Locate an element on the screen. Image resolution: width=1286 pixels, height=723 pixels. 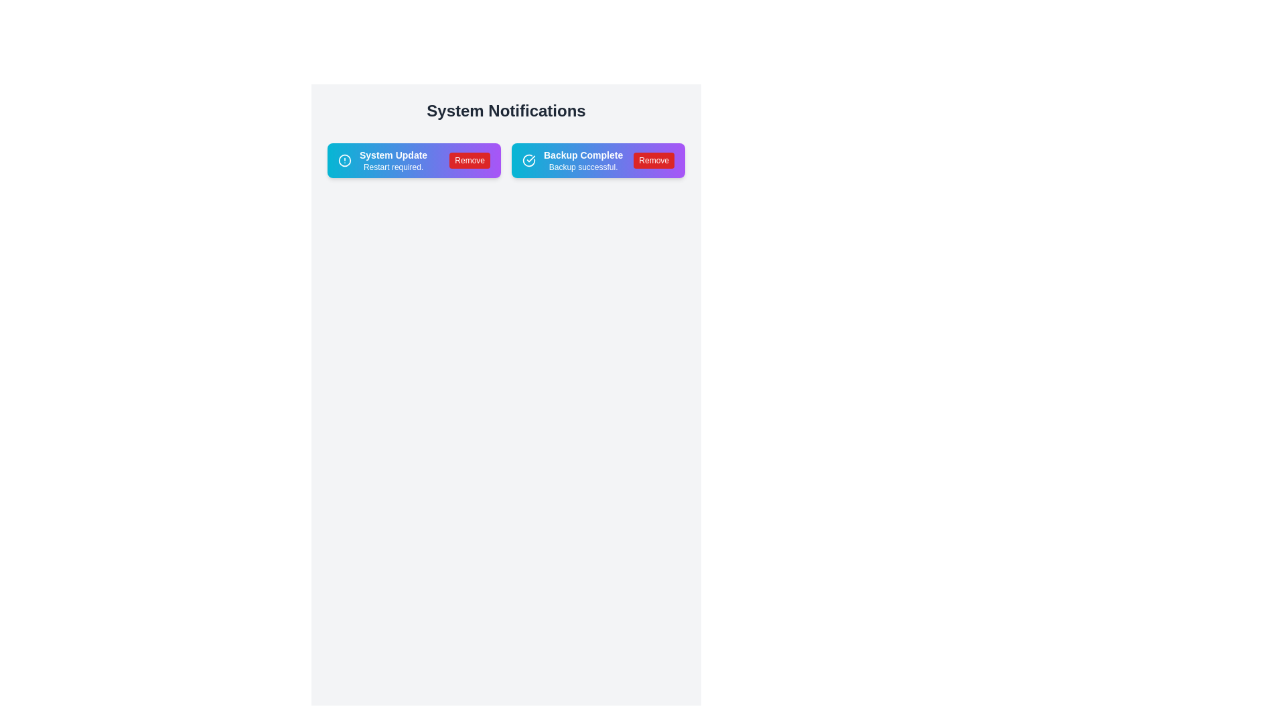
the notification to view its details is located at coordinates (413, 159).